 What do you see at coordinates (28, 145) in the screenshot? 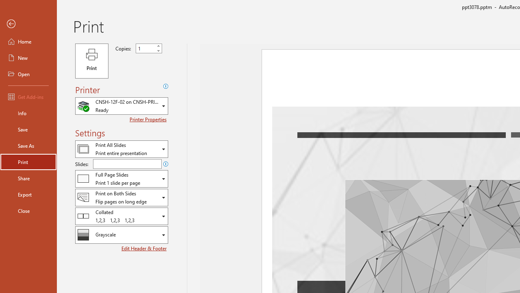
I see `'Save As'` at bounding box center [28, 145].